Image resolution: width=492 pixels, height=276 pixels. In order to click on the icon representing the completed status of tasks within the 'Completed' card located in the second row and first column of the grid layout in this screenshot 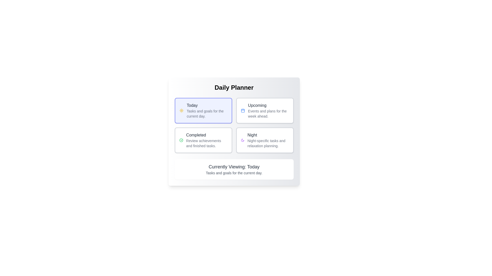, I will do `click(181, 140)`.